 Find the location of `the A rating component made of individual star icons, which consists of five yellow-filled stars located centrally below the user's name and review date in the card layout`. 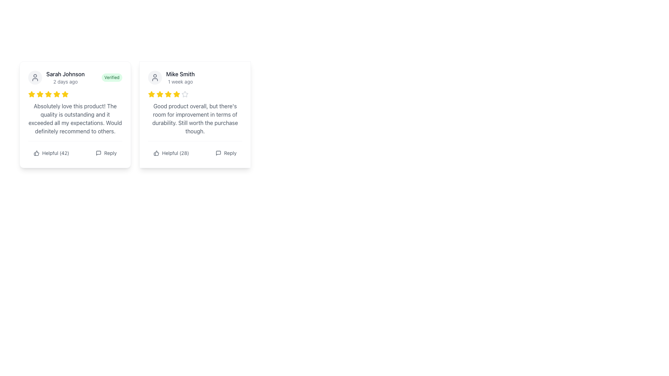

the A rating component made of individual star icons, which consists of five yellow-filled stars located centrally below the user's name and review date in the card layout is located at coordinates (75, 94).